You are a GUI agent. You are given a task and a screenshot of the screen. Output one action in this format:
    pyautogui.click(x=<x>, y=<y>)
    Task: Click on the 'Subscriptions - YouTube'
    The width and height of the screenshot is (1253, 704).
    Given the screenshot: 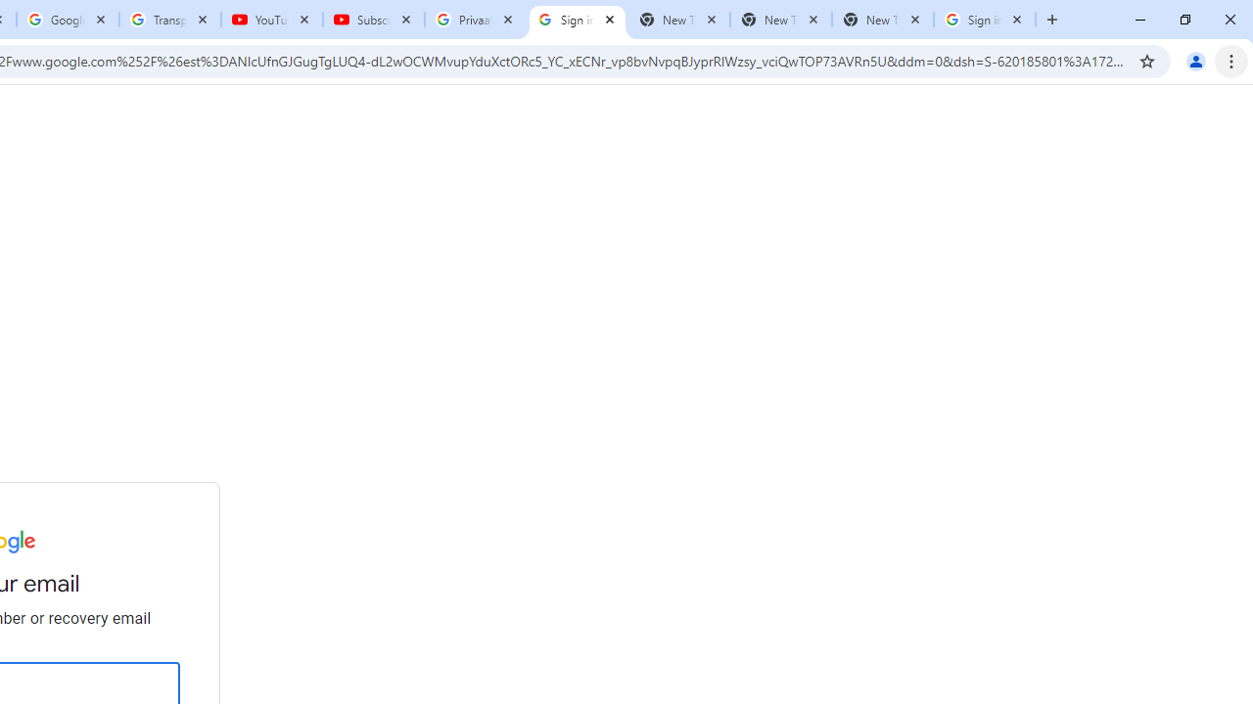 What is the action you would take?
    pyautogui.click(x=374, y=20)
    